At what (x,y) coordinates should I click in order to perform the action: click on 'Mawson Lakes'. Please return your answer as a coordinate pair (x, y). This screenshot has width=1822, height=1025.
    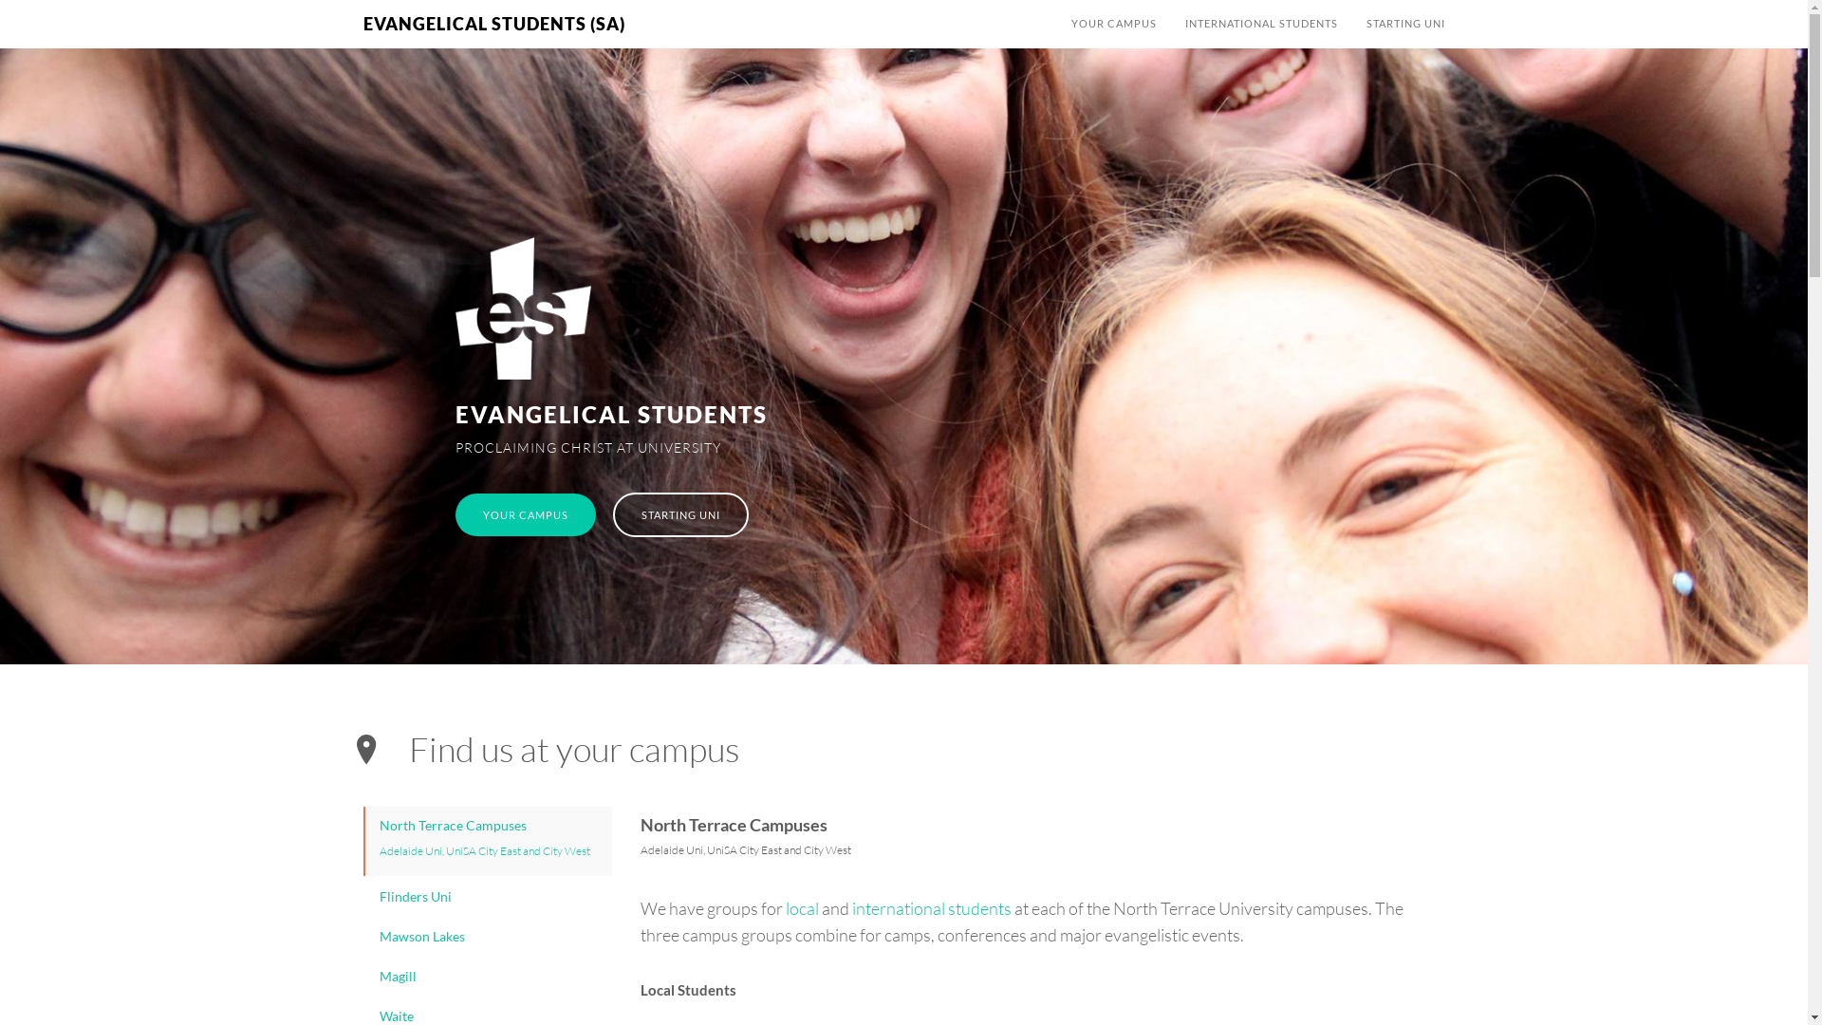
    Looking at the image, I should click on (364, 936).